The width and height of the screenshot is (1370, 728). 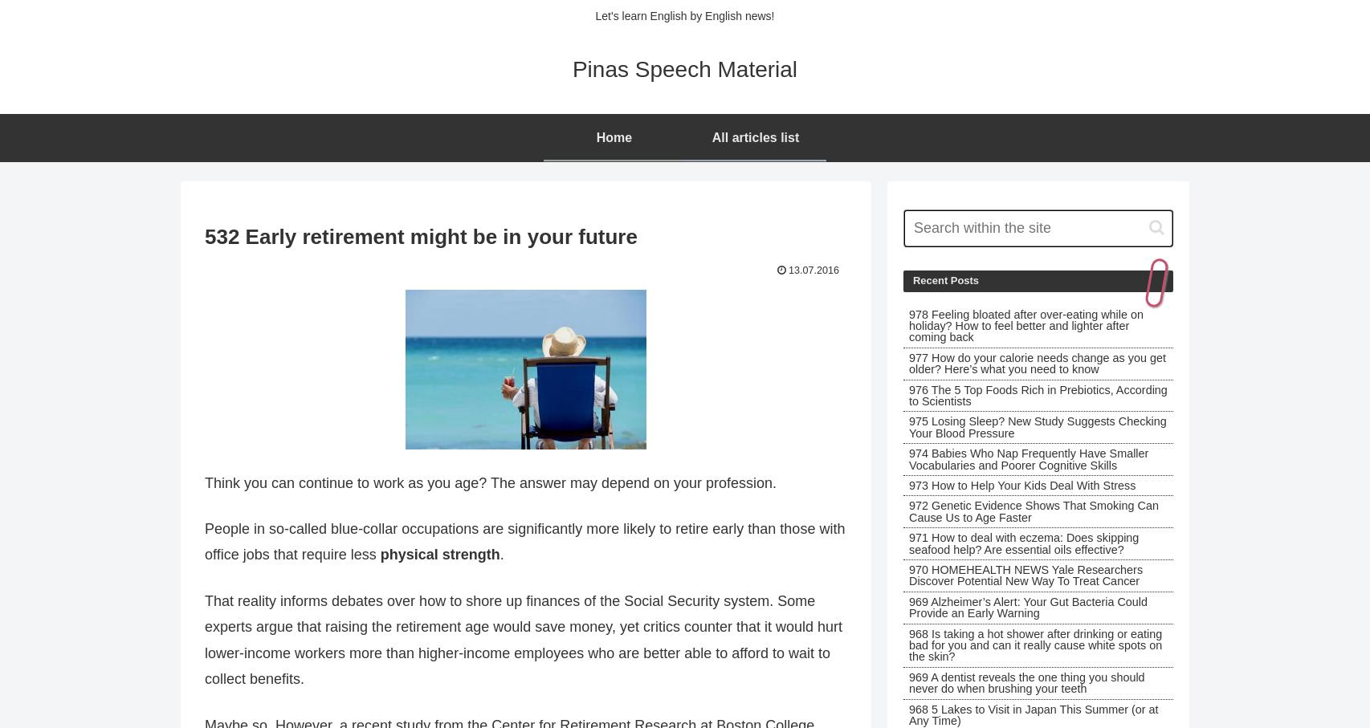 I want to click on 'All articles list', so click(x=755, y=136).